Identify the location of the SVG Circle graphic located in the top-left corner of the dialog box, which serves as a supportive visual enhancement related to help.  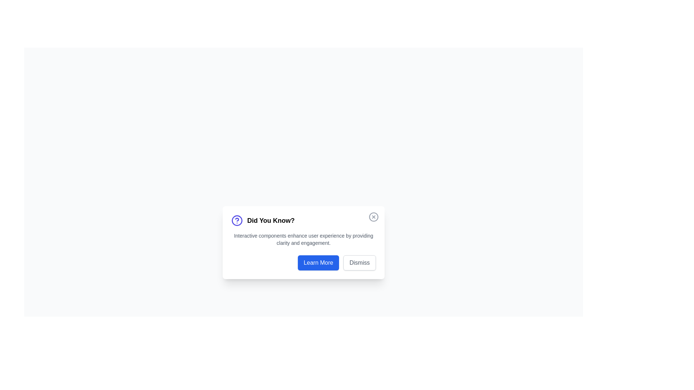
(237, 220).